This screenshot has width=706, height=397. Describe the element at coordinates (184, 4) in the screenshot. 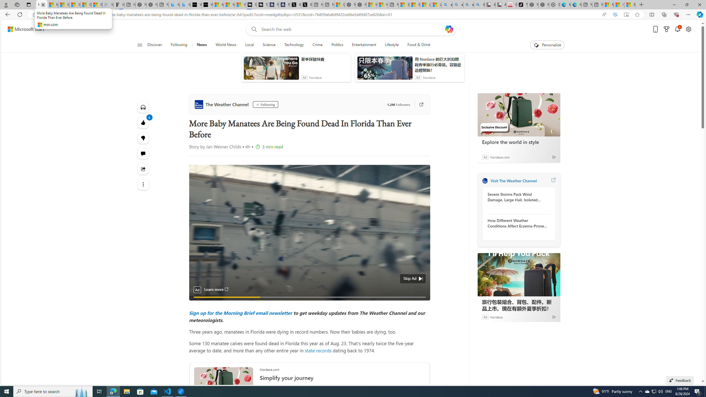

I see `'Microsoft Bing Travel - Shangri-La Hotel Bangkok'` at that location.